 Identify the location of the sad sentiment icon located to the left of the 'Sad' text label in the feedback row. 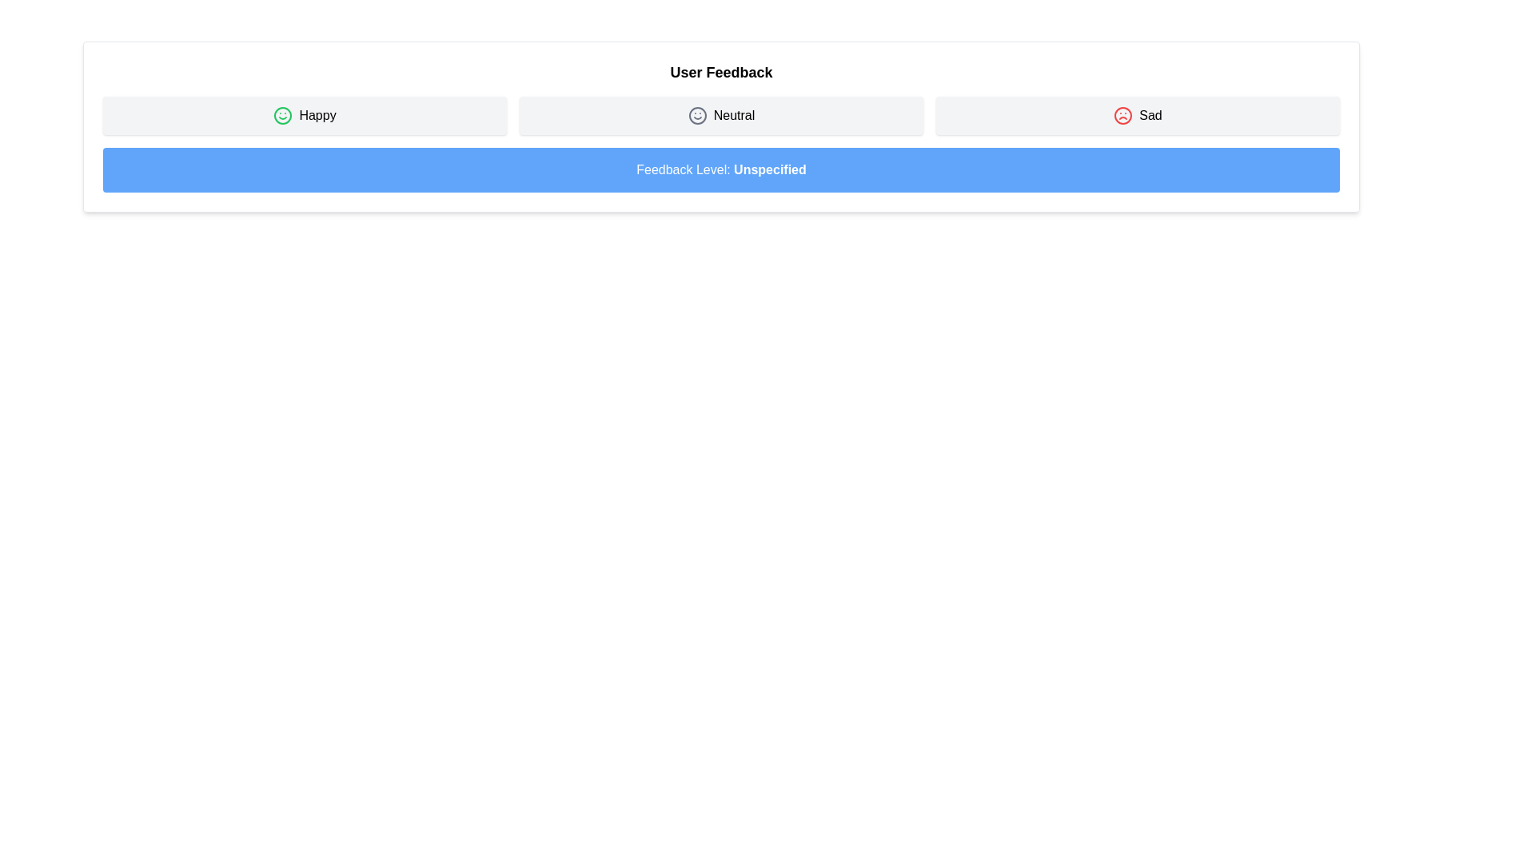
(1122, 115).